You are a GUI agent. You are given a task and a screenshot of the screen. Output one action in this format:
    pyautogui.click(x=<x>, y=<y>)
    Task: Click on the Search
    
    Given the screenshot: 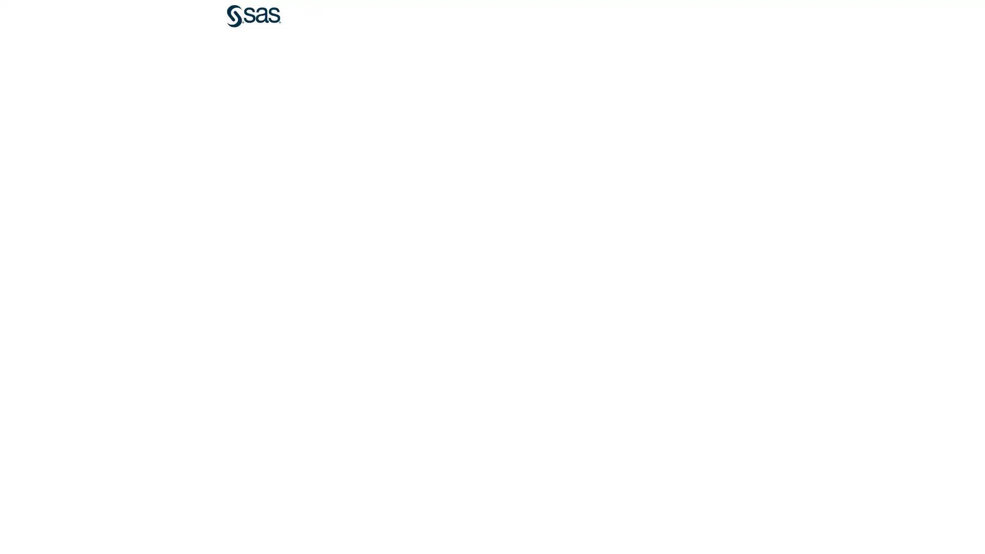 What is the action you would take?
    pyautogui.click(x=788, y=16)
    